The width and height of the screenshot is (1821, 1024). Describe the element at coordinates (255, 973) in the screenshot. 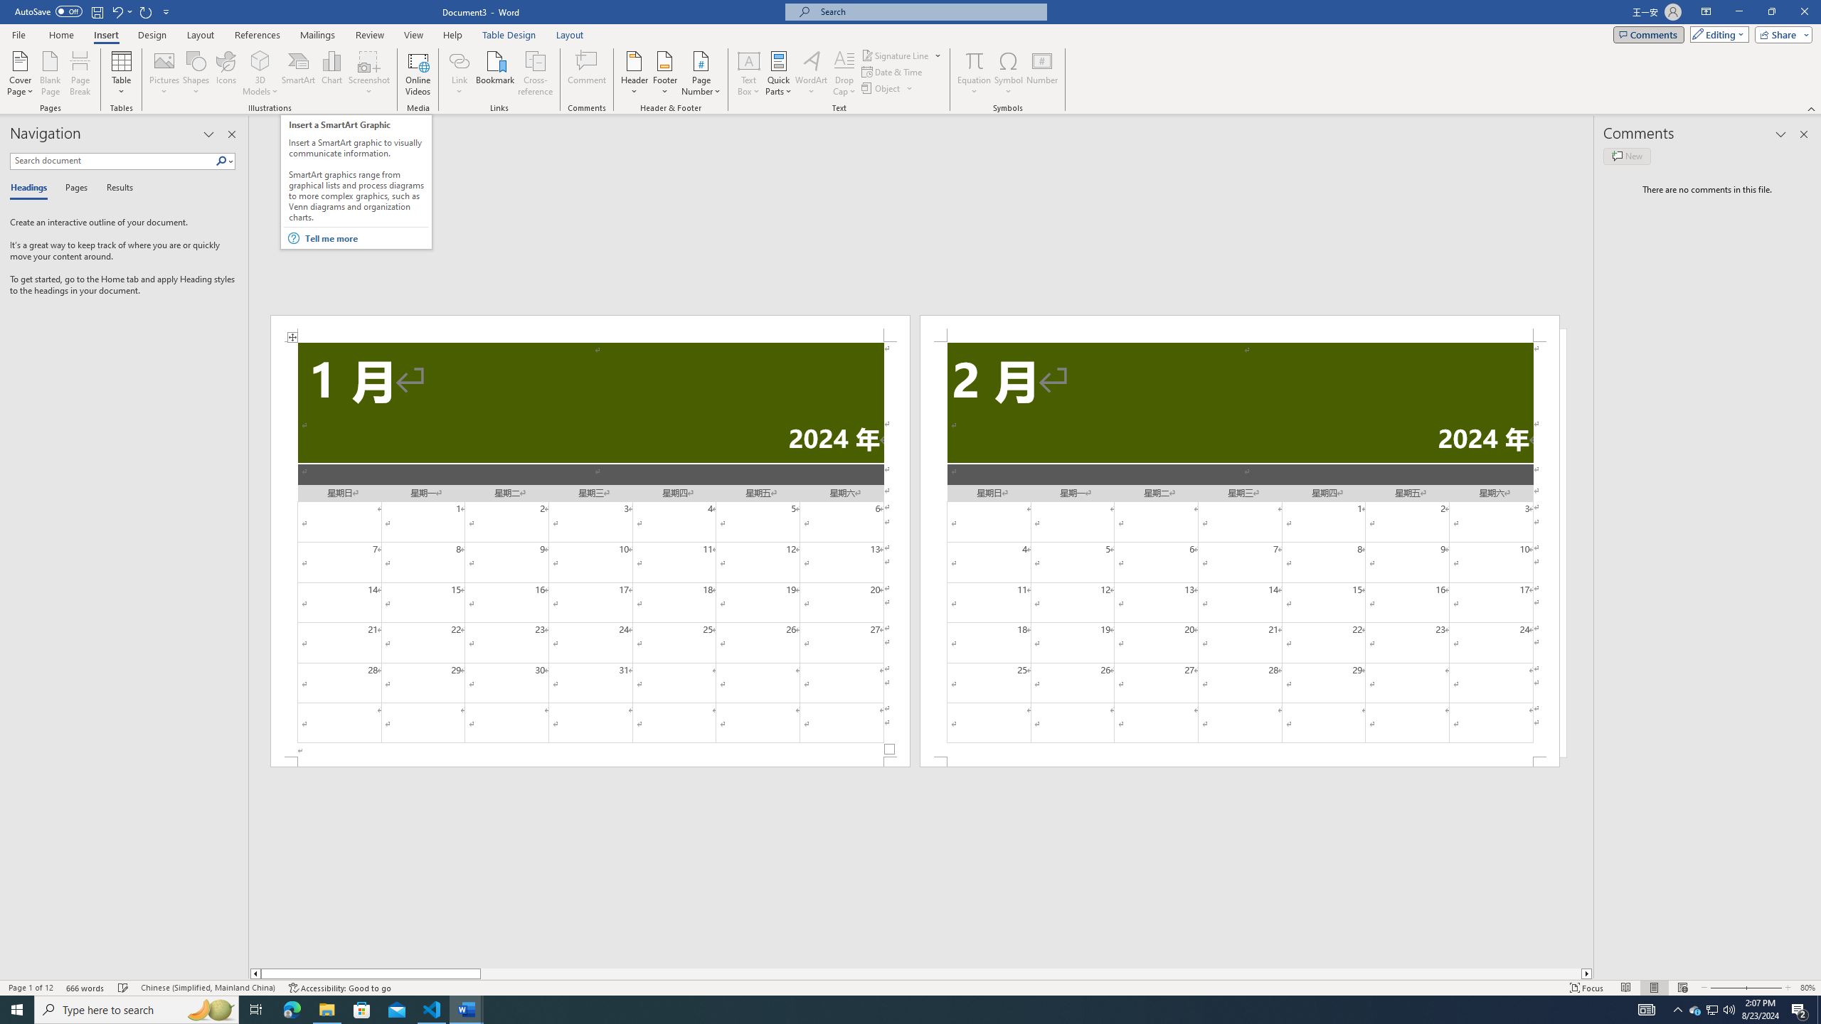

I see `'Column left'` at that location.